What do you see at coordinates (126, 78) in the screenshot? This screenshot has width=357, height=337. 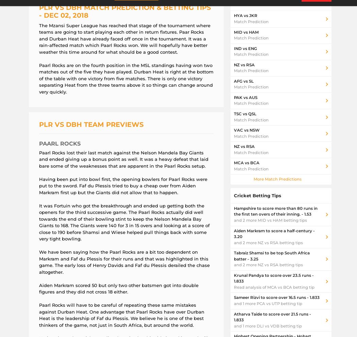 I see `'Paarl Rocks are on the fourth position in the MSL standings having won two matches out of the five they have played. Durban Heat is right at the bottom of the table with one victory from five matches. There is only one victory separating Heat from the three teams above it so things can change around very quickly.'` at bounding box center [126, 78].